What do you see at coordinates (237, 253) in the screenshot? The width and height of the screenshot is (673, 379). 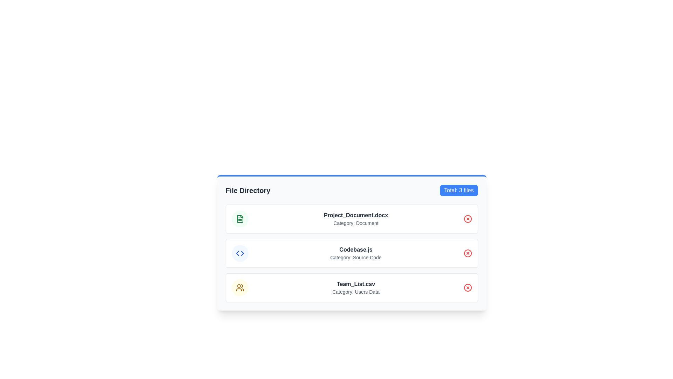 I see `the leftward pointing chevron icon located next to the 'Codebase.js' text in the second row of the list for accessibility navigation` at bounding box center [237, 253].